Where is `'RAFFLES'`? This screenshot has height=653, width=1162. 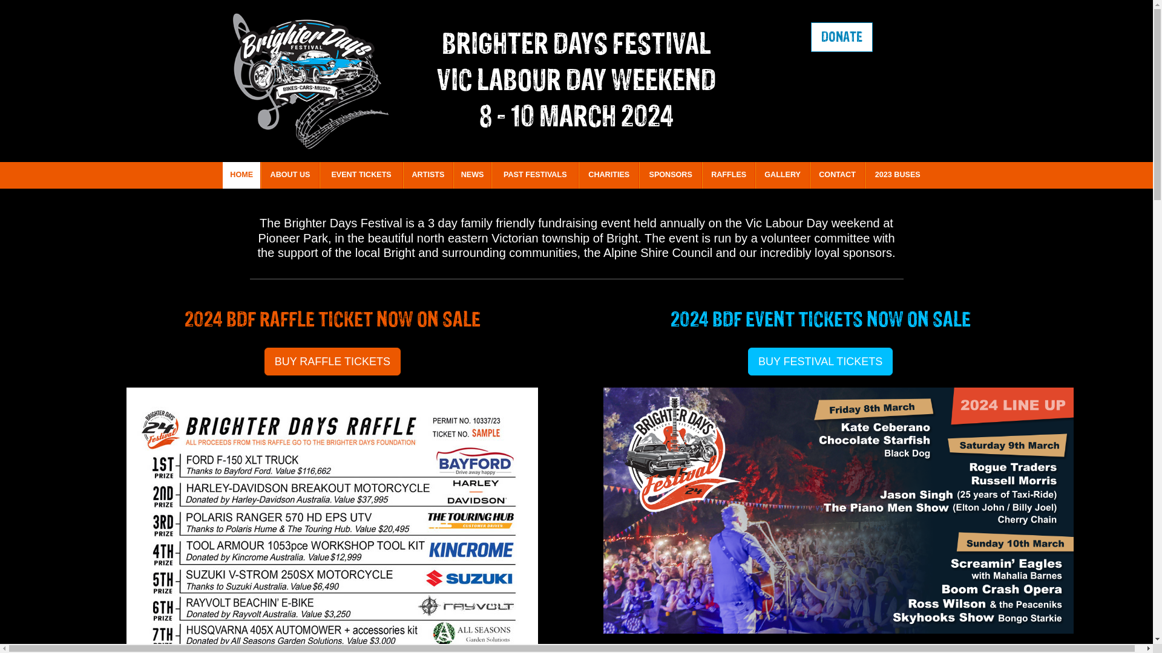 'RAFFLES' is located at coordinates (728, 175).